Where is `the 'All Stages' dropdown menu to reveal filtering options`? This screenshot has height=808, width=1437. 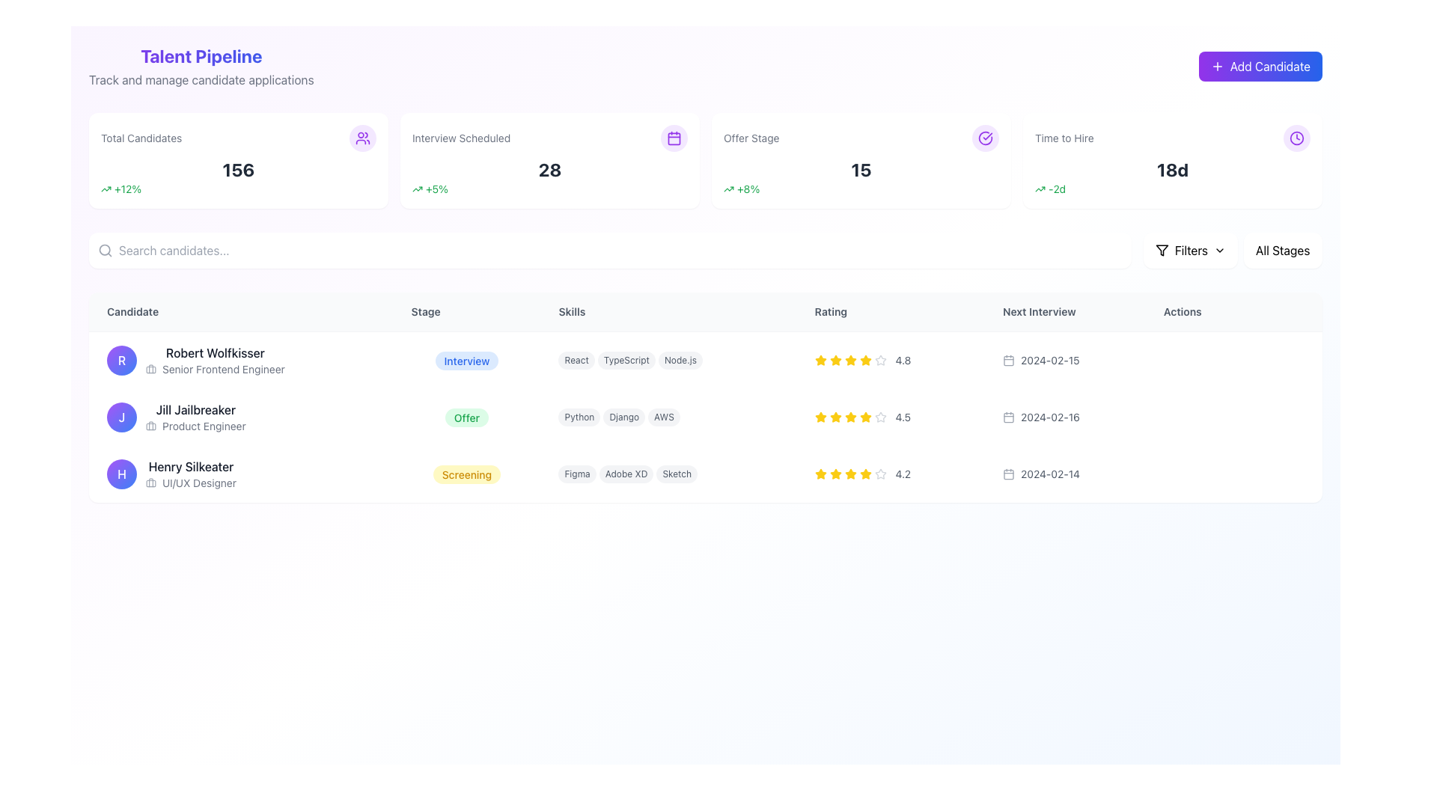 the 'All Stages' dropdown menu to reveal filtering options is located at coordinates (1282, 250).